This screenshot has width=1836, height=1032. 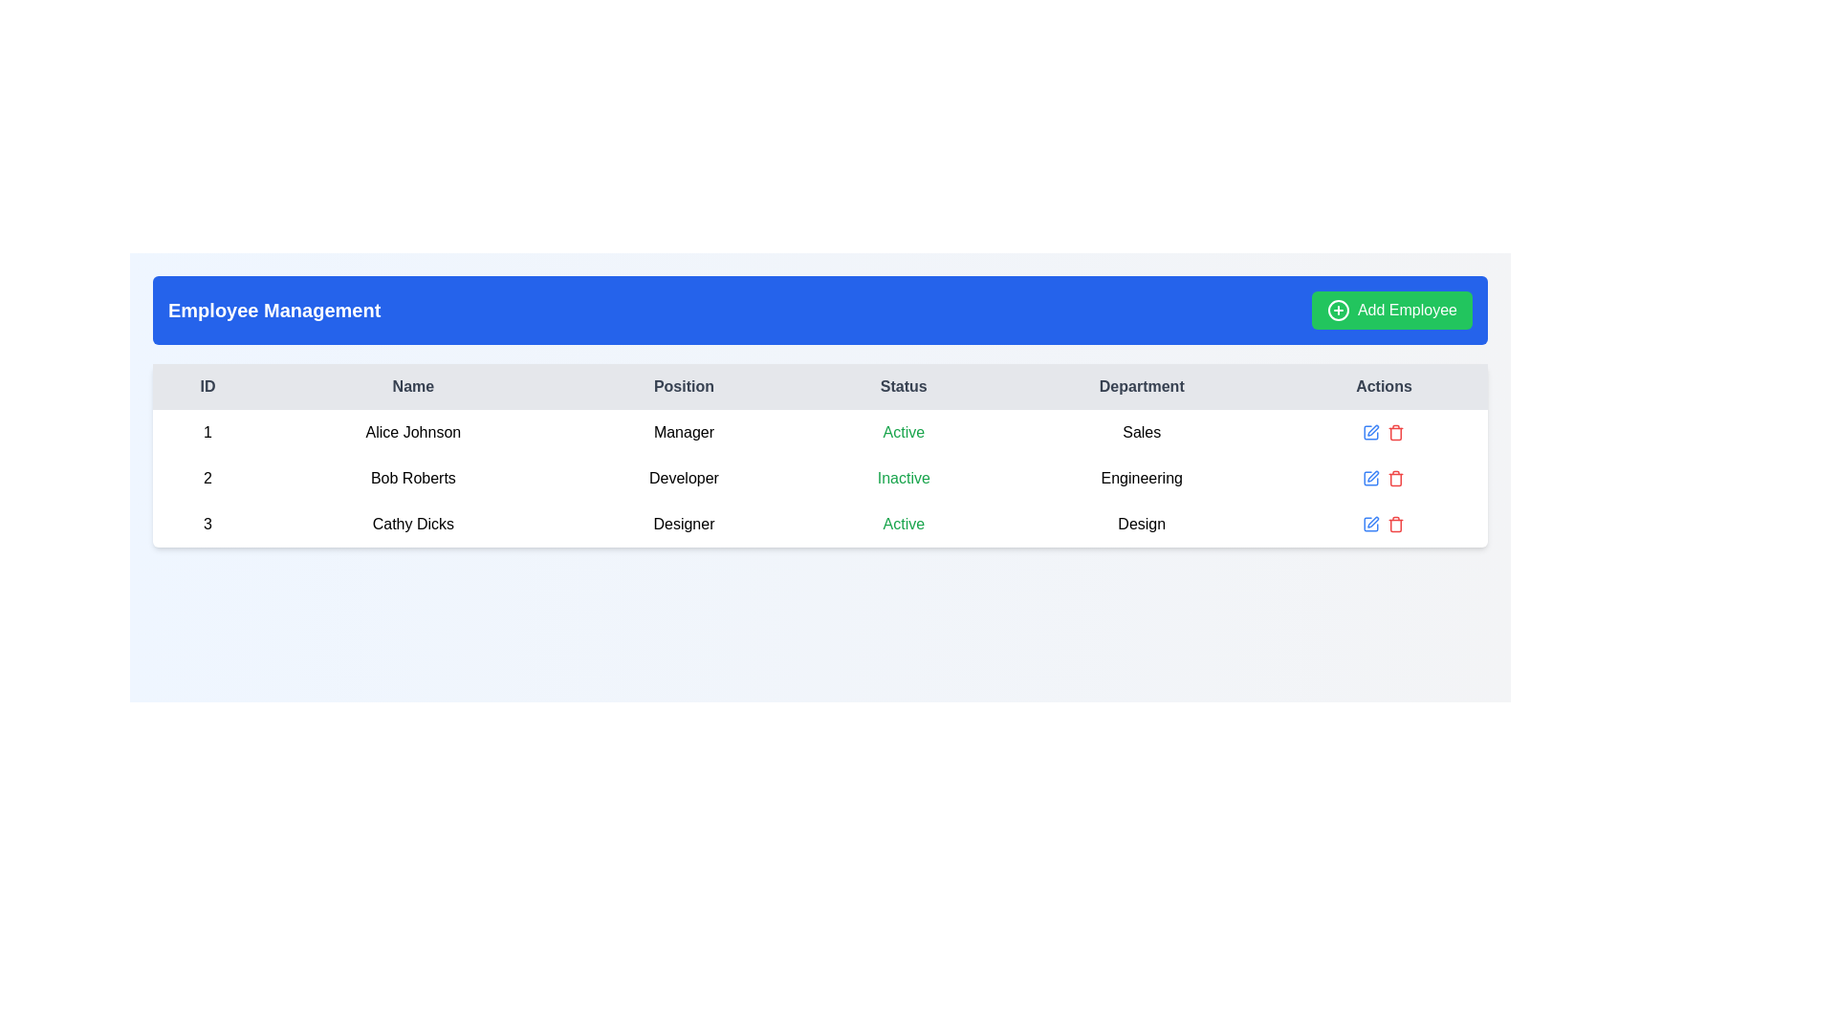 What do you see at coordinates (1396, 479) in the screenshot?
I see `the trash can icon in the 'Actions' column for 'Bob Roberts' to interact with the delete action` at bounding box center [1396, 479].